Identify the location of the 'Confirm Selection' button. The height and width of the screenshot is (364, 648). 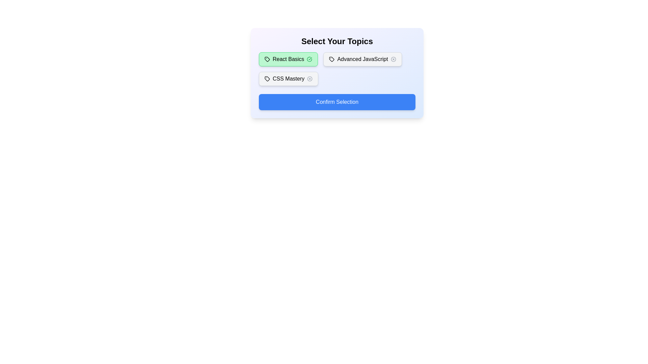
(337, 102).